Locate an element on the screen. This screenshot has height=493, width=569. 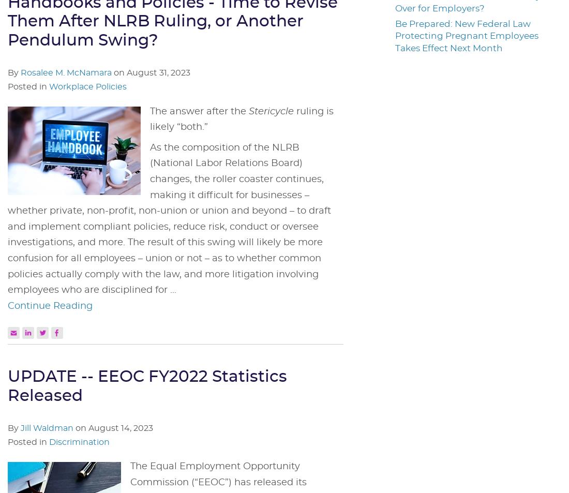
'ruling is likely “both.”' is located at coordinates (241, 118).